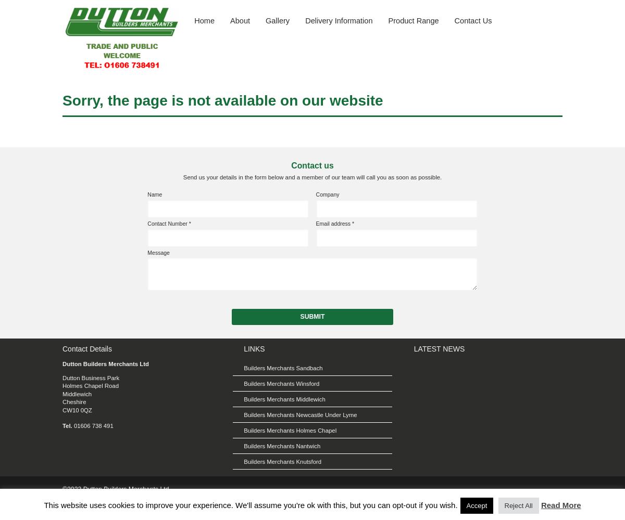  What do you see at coordinates (77, 394) in the screenshot?
I see `'Middlewich'` at bounding box center [77, 394].